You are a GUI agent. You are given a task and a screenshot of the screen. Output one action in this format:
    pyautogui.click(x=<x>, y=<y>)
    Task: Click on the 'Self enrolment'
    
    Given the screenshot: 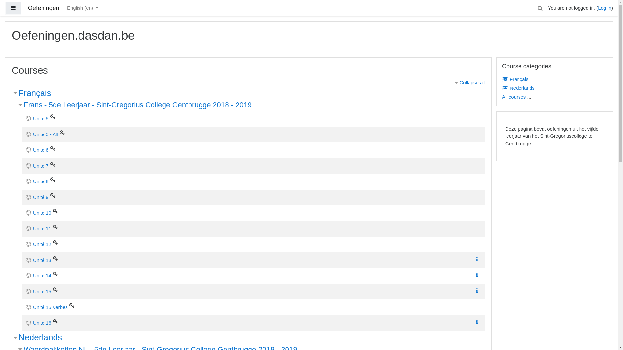 What is the action you would take?
    pyautogui.click(x=62, y=132)
    